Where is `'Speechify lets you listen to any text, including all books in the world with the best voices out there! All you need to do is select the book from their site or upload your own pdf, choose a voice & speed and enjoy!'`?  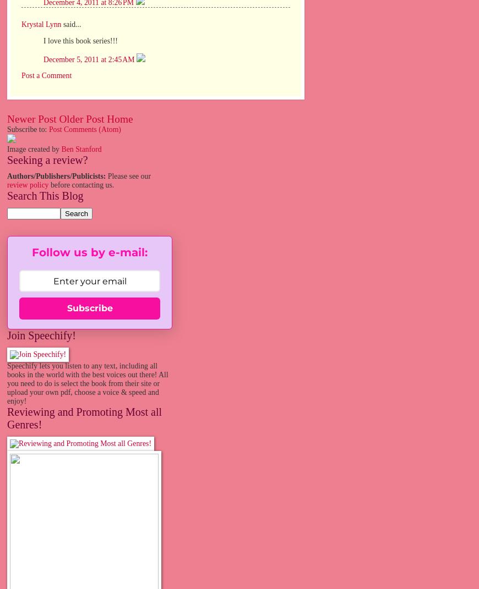
'Speechify lets you listen to any text, including all books in the world with the best voices out there! All you need to do is select the book from their site or upload your own pdf, choose a voice & speed and enjoy!' is located at coordinates (87, 383).